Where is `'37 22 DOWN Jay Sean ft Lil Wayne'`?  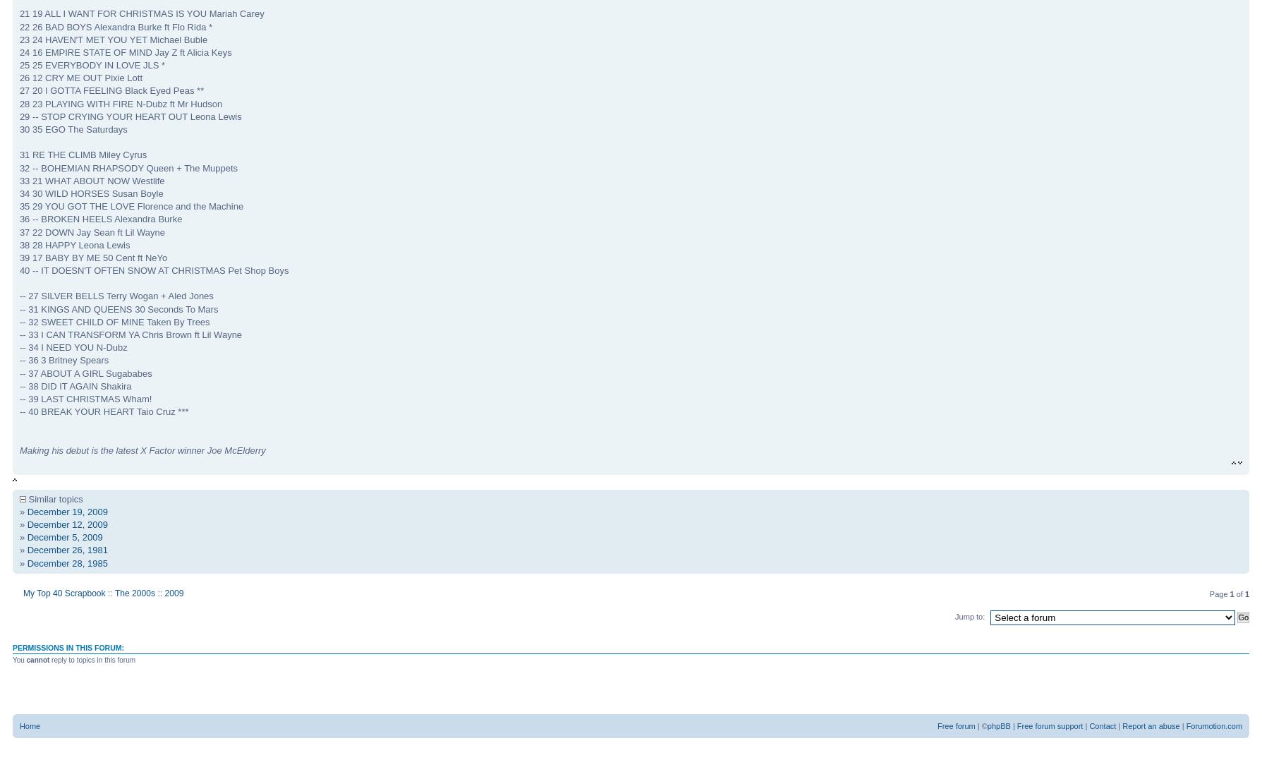 '37 22 DOWN Jay Sean ft Lil Wayne' is located at coordinates (19, 231).